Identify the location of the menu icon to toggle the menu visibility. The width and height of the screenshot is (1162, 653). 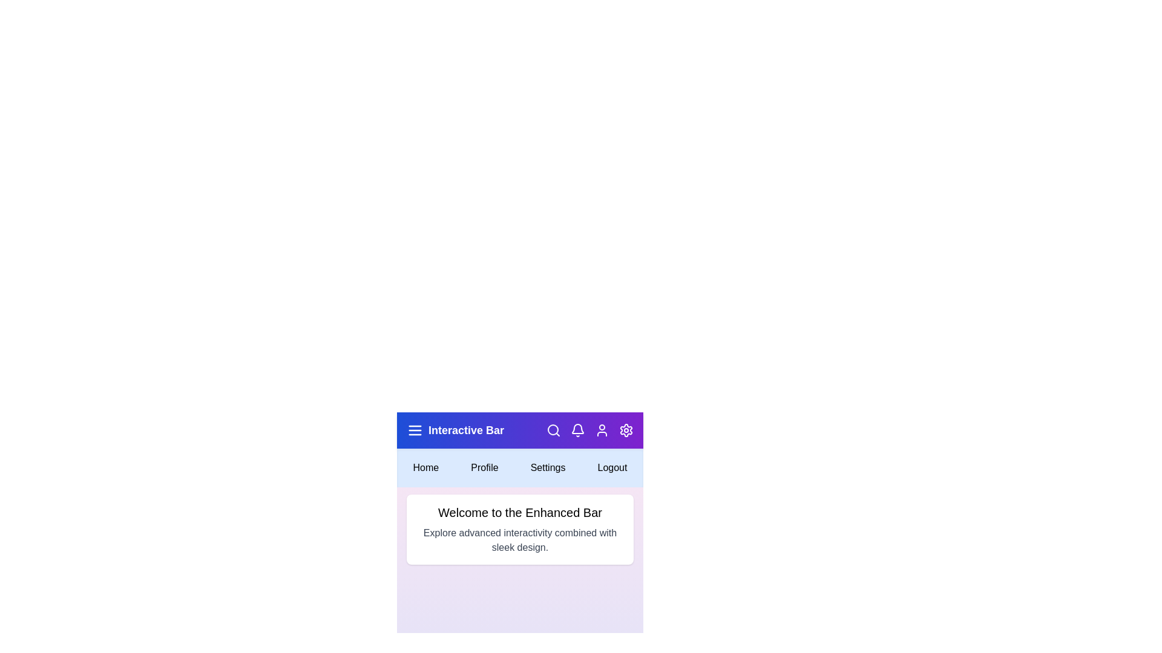
(415, 430).